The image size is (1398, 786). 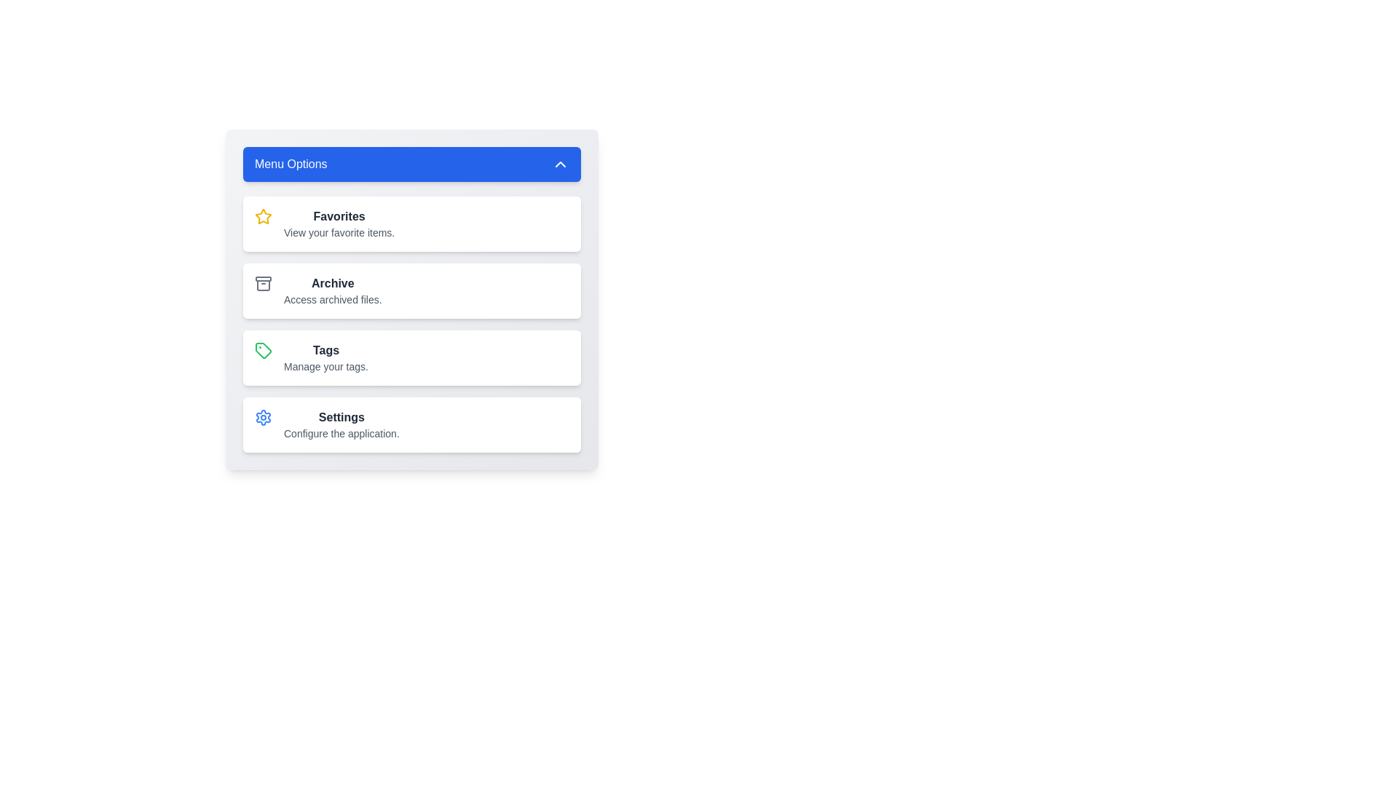 I want to click on text descriptor for the 'Tags' section which states 'Manage your tags.', so click(x=325, y=358).